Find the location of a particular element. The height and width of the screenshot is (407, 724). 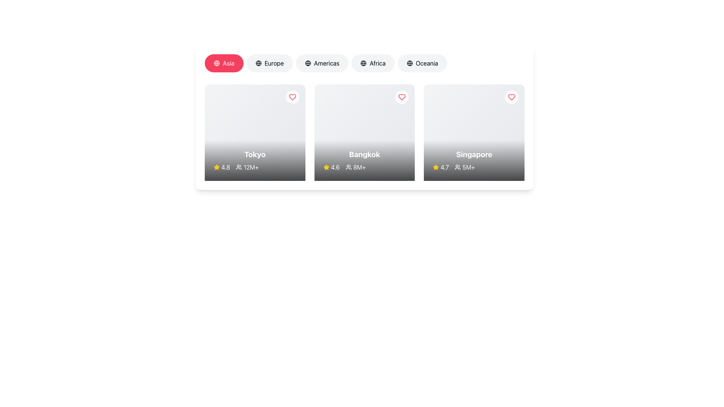

the rating icon located at the bottom-left corner of the 'Tokyo' card, which visually represents the rating value of 4.8 is located at coordinates (216, 167).